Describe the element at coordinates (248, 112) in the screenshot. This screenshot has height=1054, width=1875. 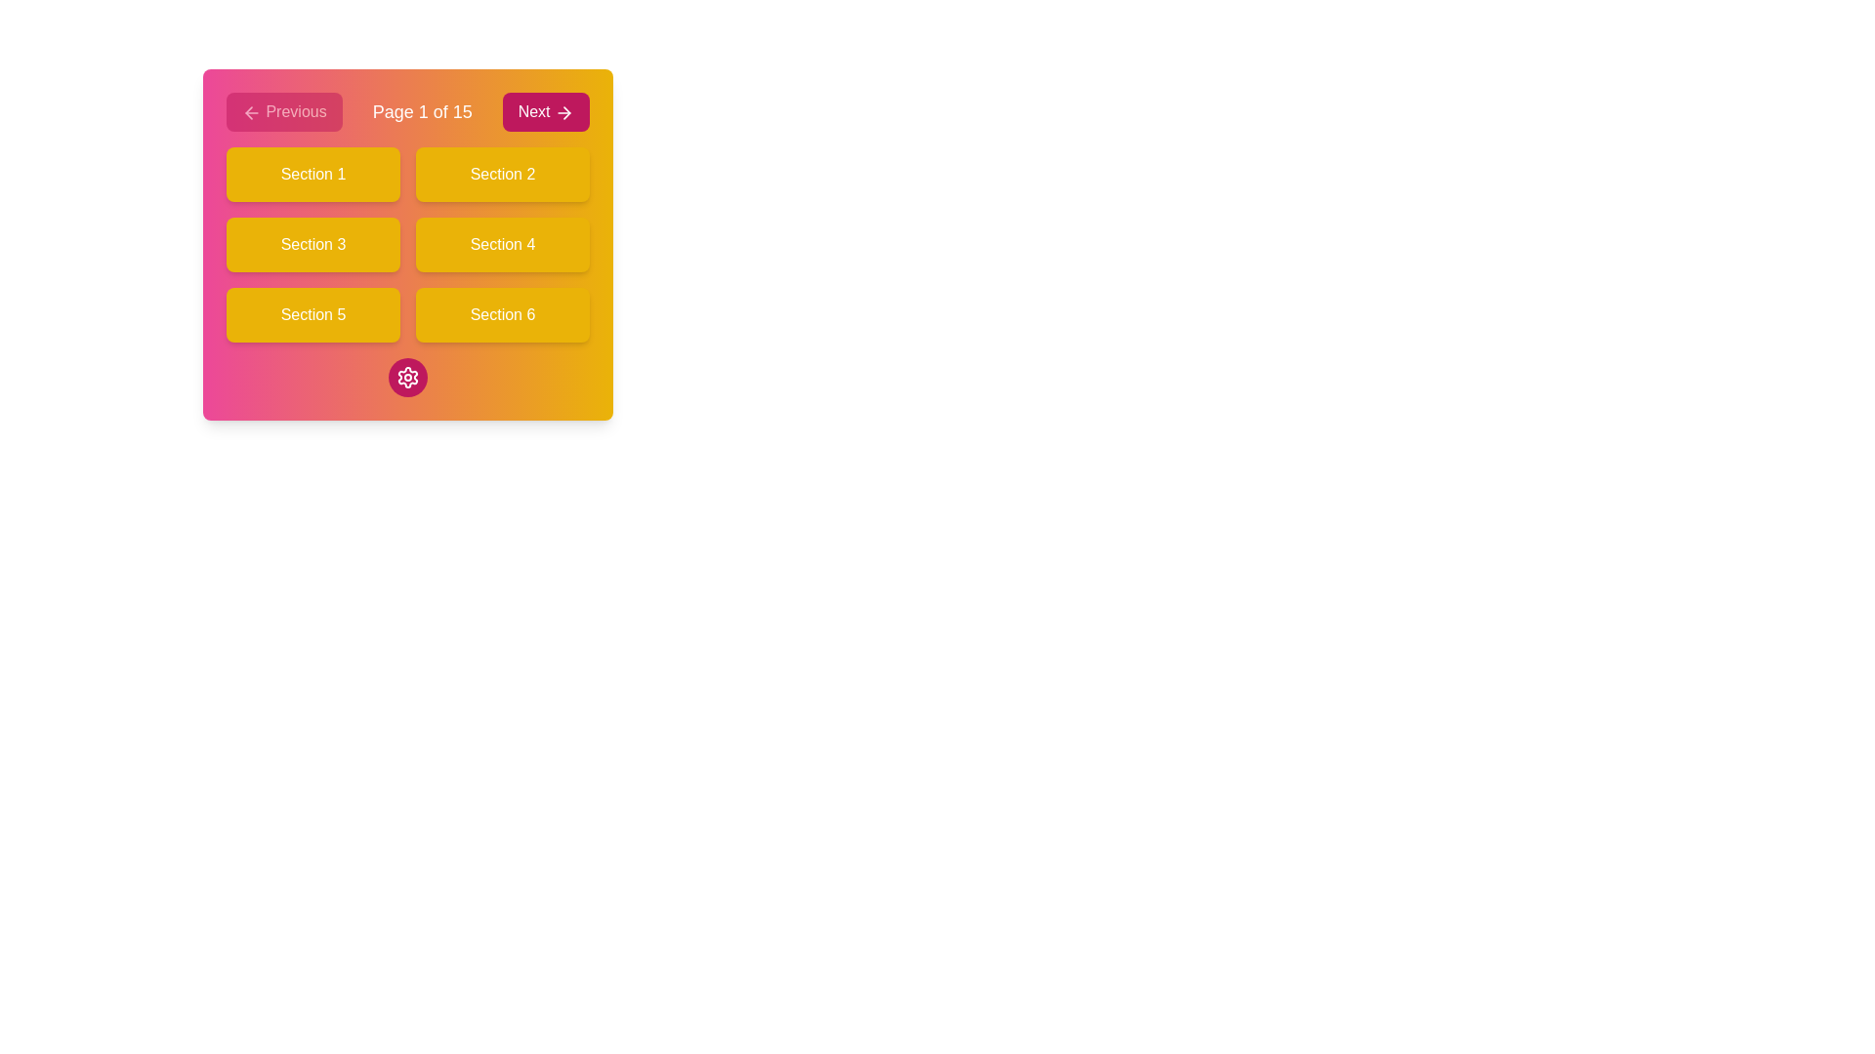
I see `the decorative graphical component representing navigation to the previous section, located within the 'Previous' button at the top left of the interface` at that location.